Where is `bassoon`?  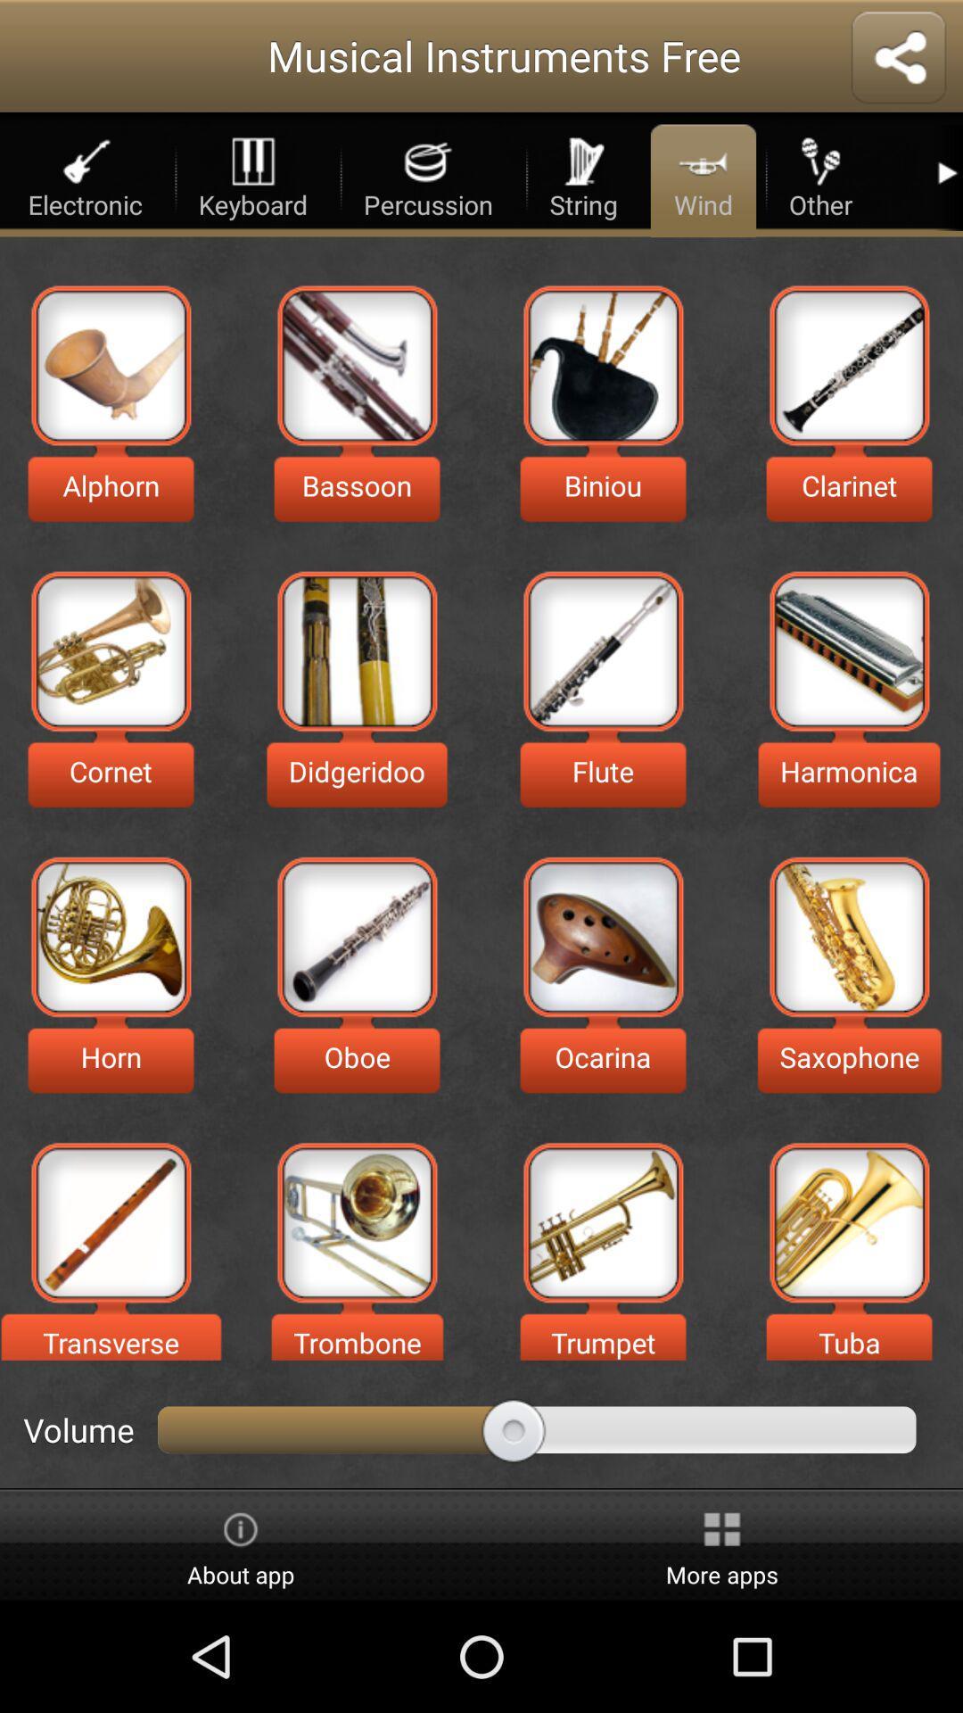 bassoon is located at coordinates (357, 364).